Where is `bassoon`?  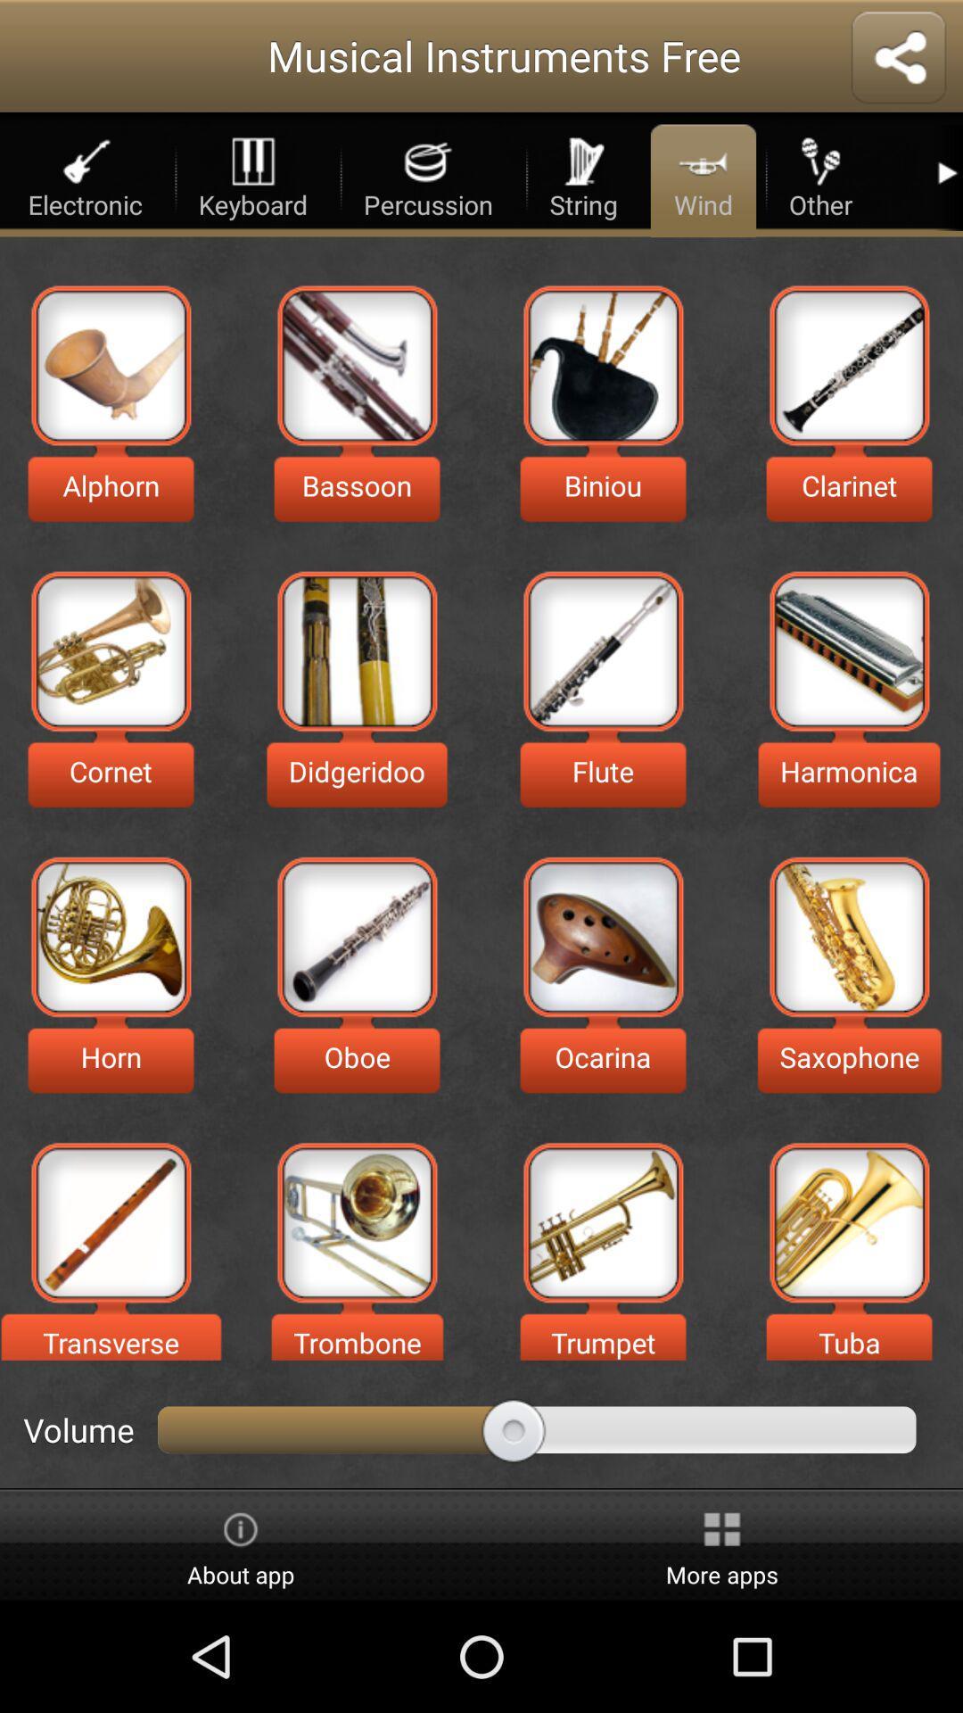 bassoon is located at coordinates (357, 364).